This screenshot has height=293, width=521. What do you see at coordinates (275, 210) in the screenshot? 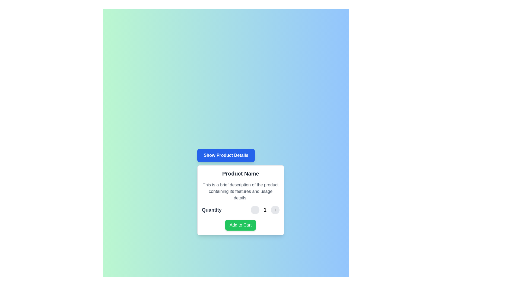
I see `the '+' button with a circular outline and gray background, located to the right of the quantity input field in the 'Quantity' section of the product purchase card` at bounding box center [275, 210].